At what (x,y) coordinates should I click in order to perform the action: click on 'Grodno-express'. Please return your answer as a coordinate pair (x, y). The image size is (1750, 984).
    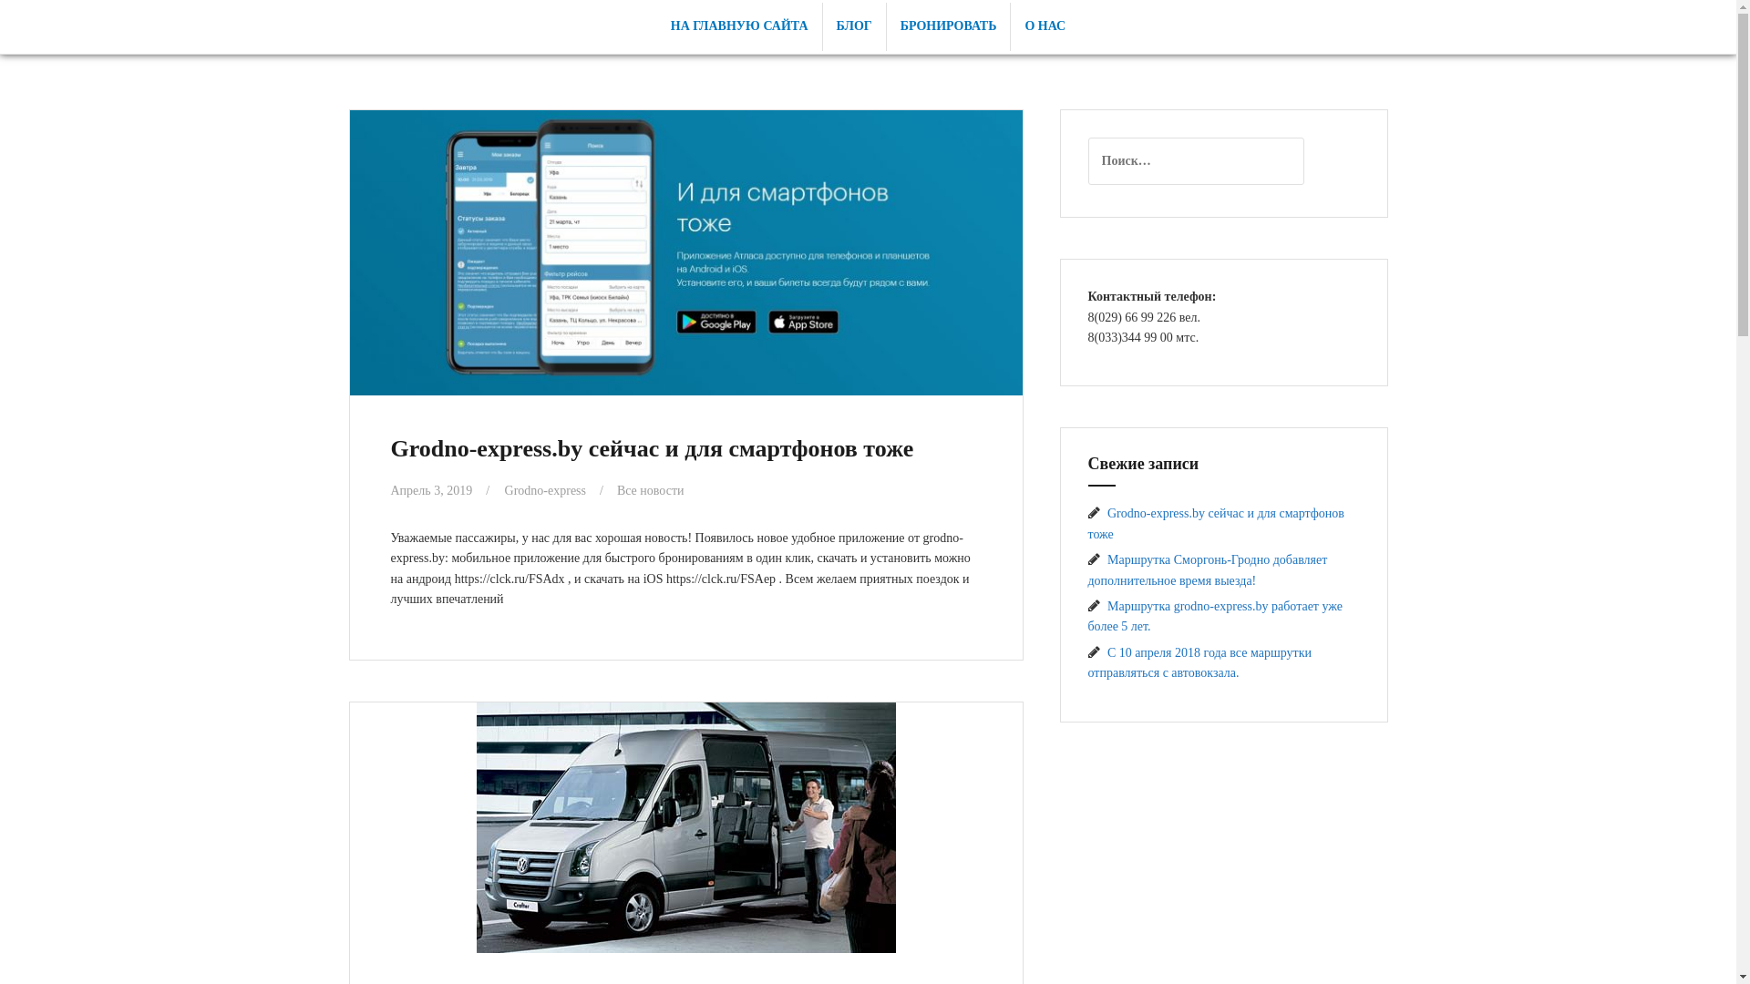
    Looking at the image, I should click on (504, 488).